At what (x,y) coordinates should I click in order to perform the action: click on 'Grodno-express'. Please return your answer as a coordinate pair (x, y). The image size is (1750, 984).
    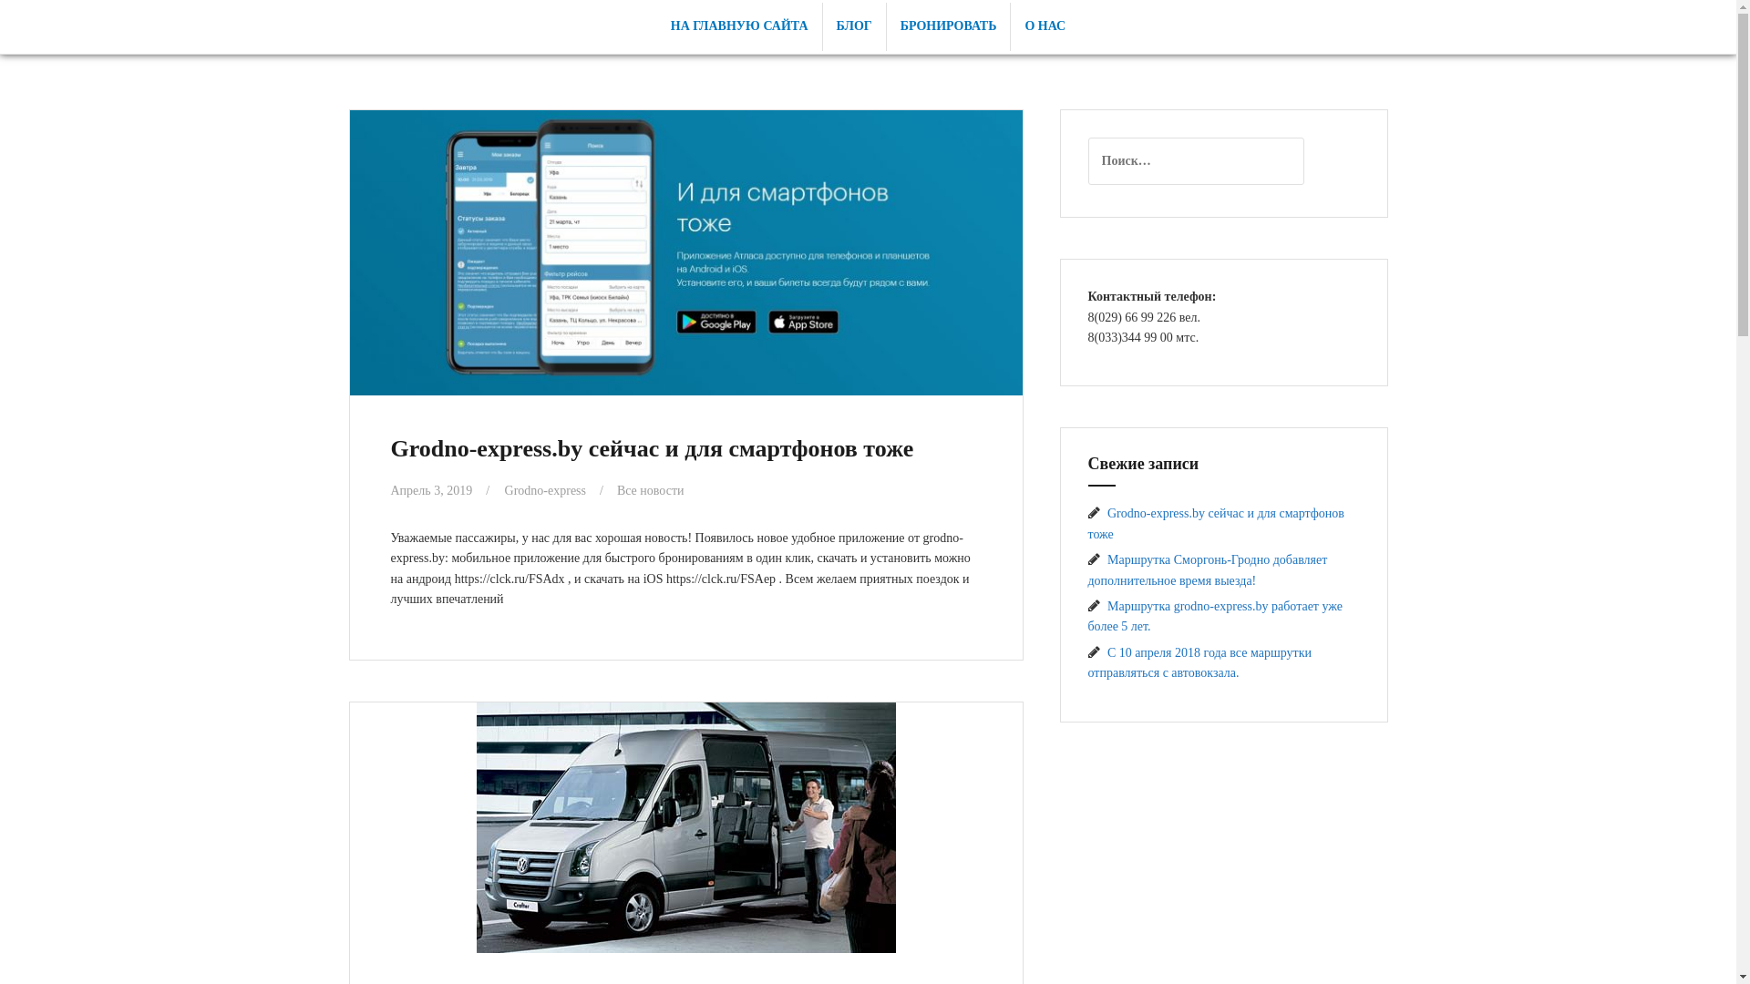
    Looking at the image, I should click on (504, 488).